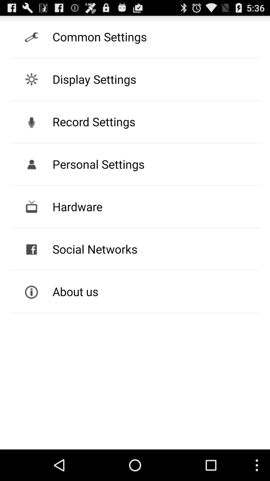 The width and height of the screenshot is (270, 481). I want to click on the button beside about us, so click(31, 292).